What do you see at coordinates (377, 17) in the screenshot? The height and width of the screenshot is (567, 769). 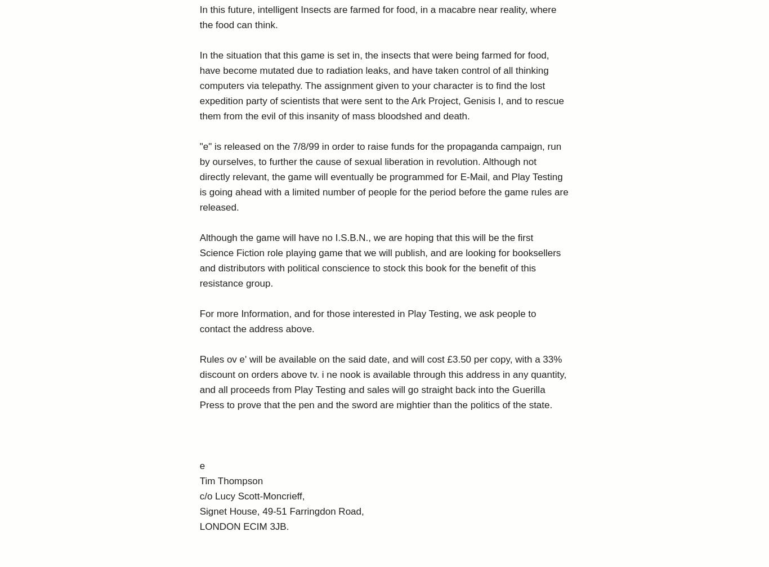 I see `'In this future, intelligent Insects are farmed for food, in a
        macabre near reality, where the food can think.'` at bounding box center [377, 17].